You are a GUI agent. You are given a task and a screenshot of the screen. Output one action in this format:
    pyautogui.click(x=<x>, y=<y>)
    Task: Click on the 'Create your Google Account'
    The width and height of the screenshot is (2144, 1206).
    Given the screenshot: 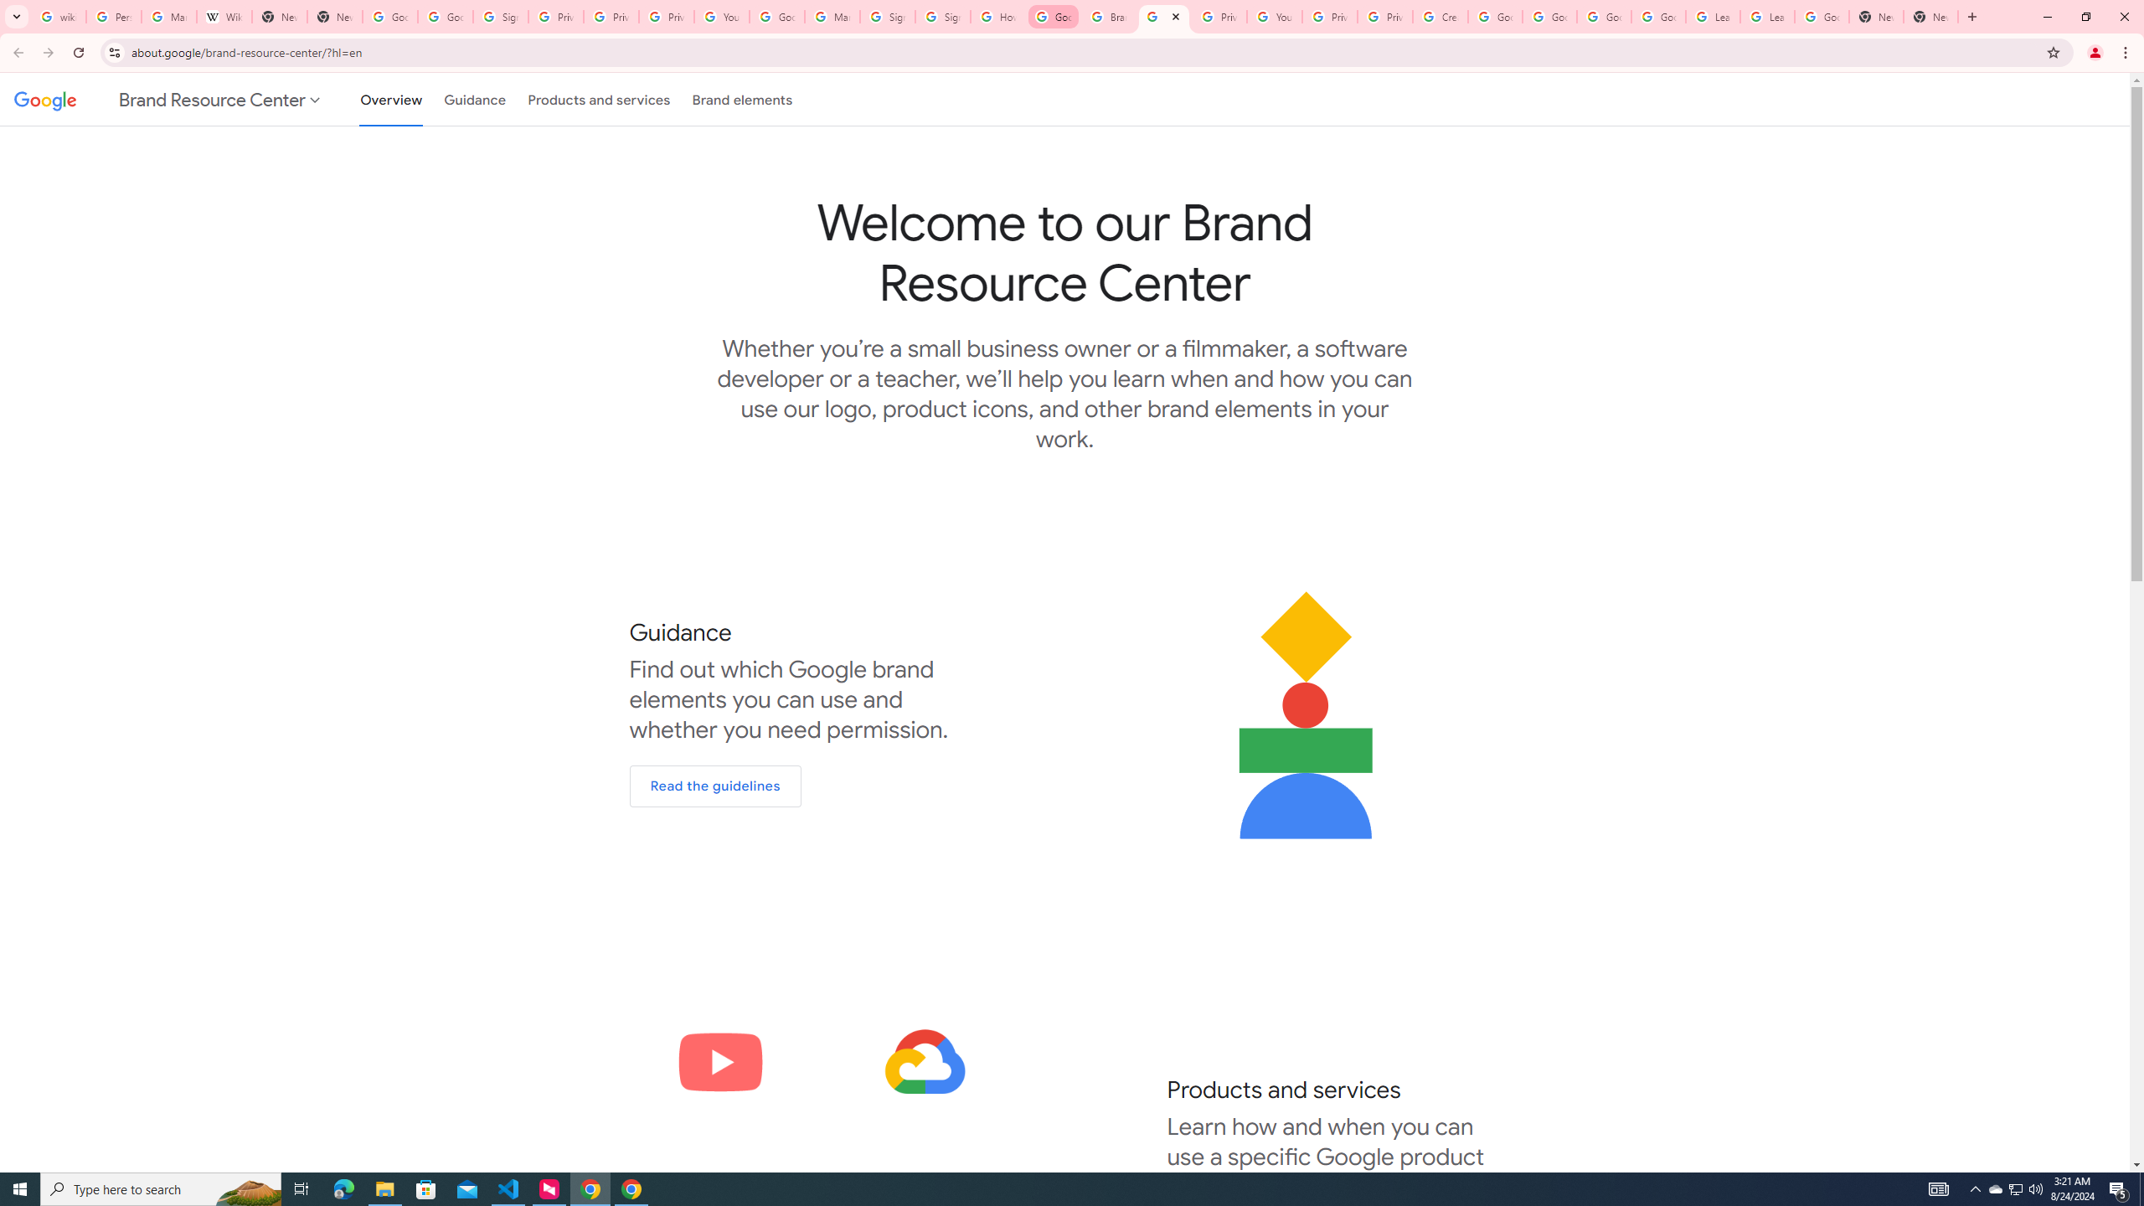 What is the action you would take?
    pyautogui.click(x=1440, y=16)
    